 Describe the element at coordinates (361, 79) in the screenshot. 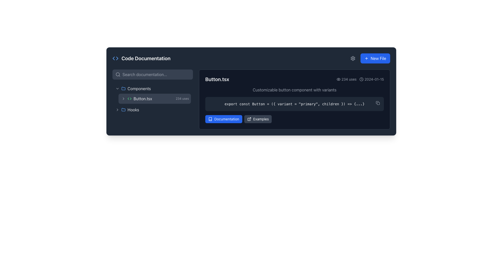

I see `the circular clock icon located at the top-right corner of the panel, which has a distinct border and is part of an SVG graphic` at that location.